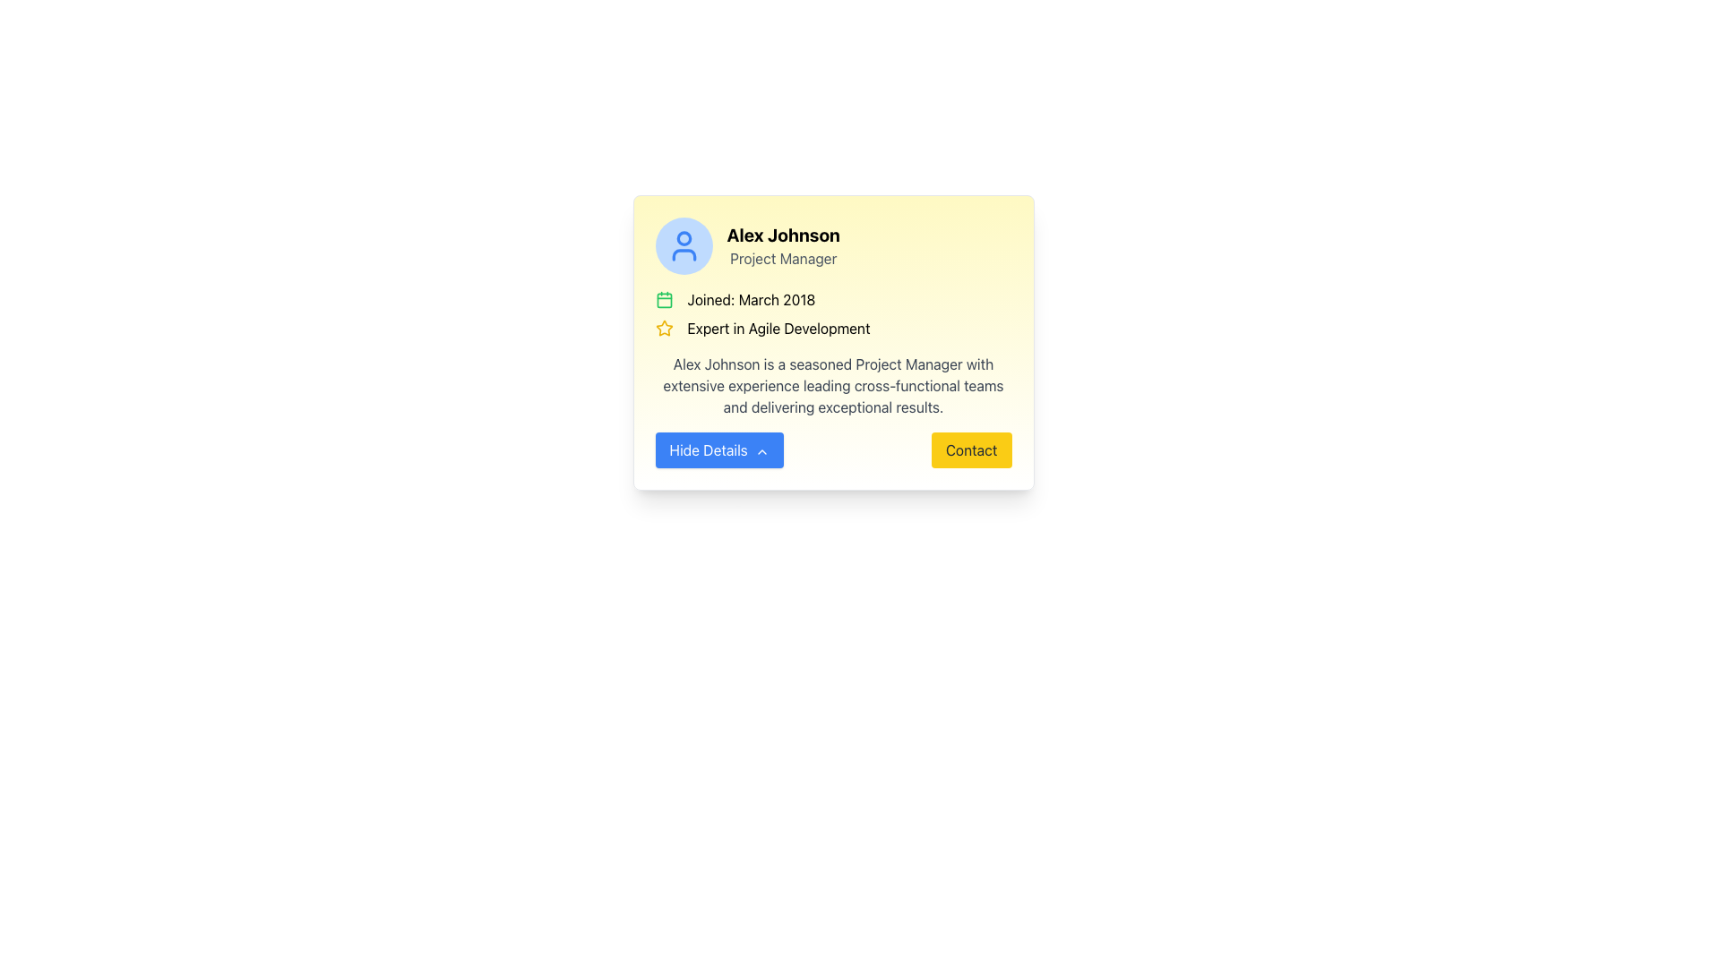  Describe the element at coordinates (783, 259) in the screenshot. I see `the job title text located directly beneath the name 'Alex Johnson' in the profile card` at that location.